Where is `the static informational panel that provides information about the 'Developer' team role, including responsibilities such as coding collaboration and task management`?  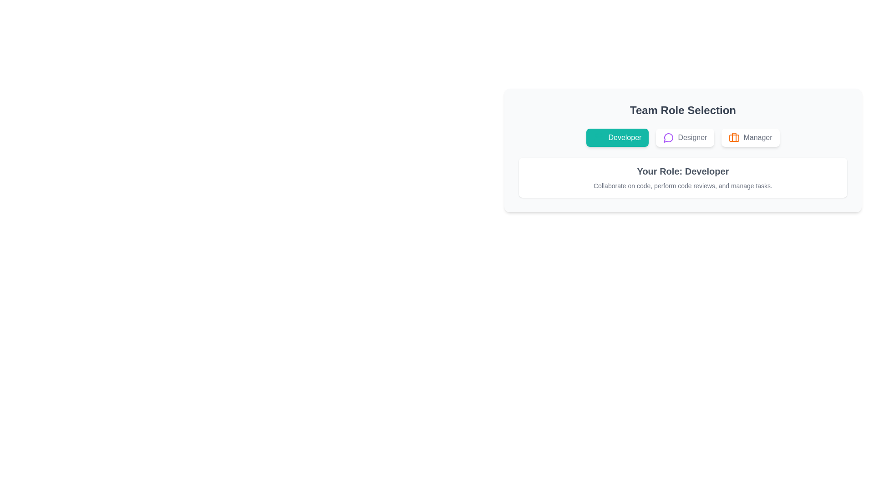
the static informational panel that provides information about the 'Developer' team role, including responsibilities such as coding collaboration and task management is located at coordinates (683, 177).